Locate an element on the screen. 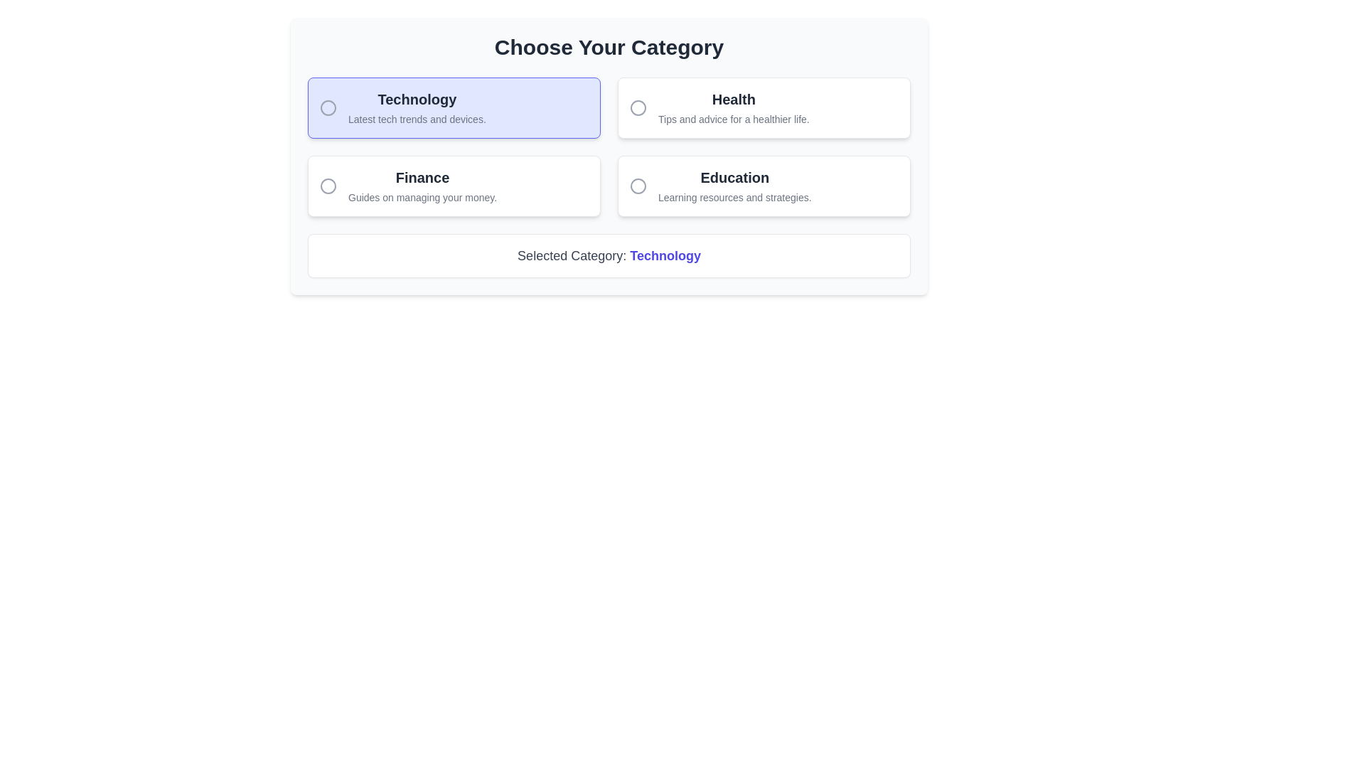  the circular icon styled in gray color, which is part of the selection interface for the 'Health' category, located in the top-right part of the category selection interface is located at coordinates (637, 107).